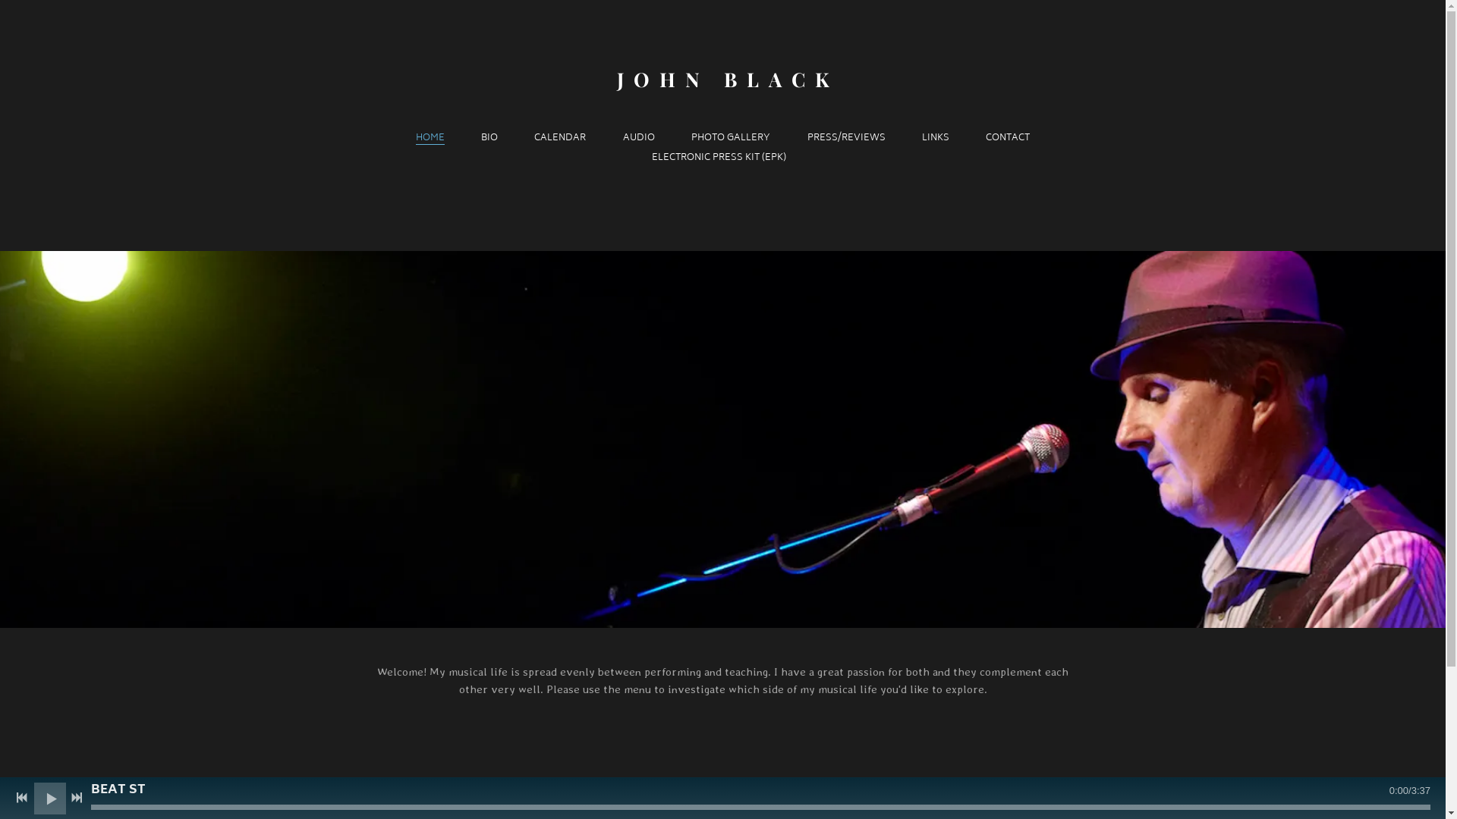  Describe the element at coordinates (21, 797) in the screenshot. I see `'Previous track'` at that location.